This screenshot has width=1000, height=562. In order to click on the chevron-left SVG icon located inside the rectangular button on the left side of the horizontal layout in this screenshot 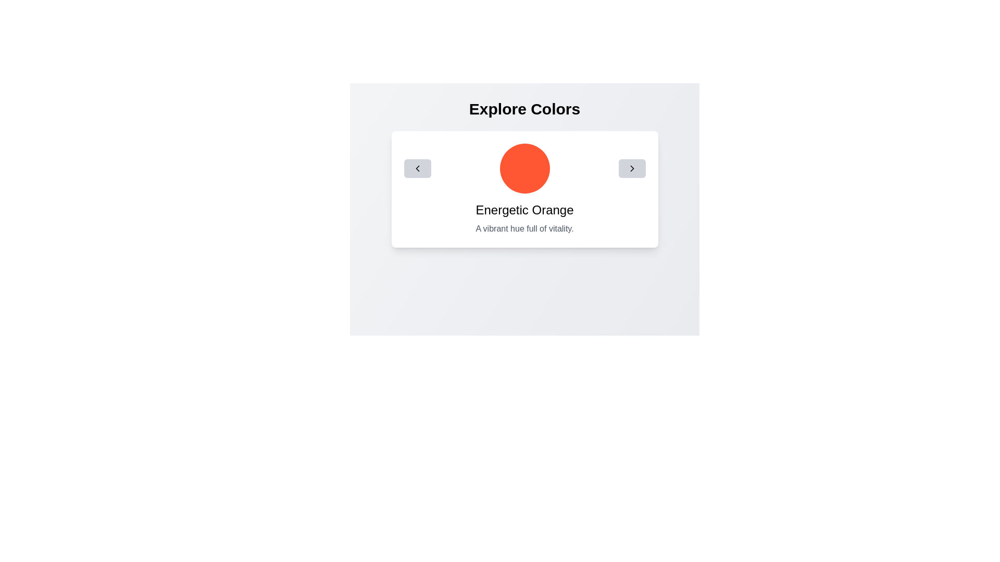, I will do `click(417, 168)`.